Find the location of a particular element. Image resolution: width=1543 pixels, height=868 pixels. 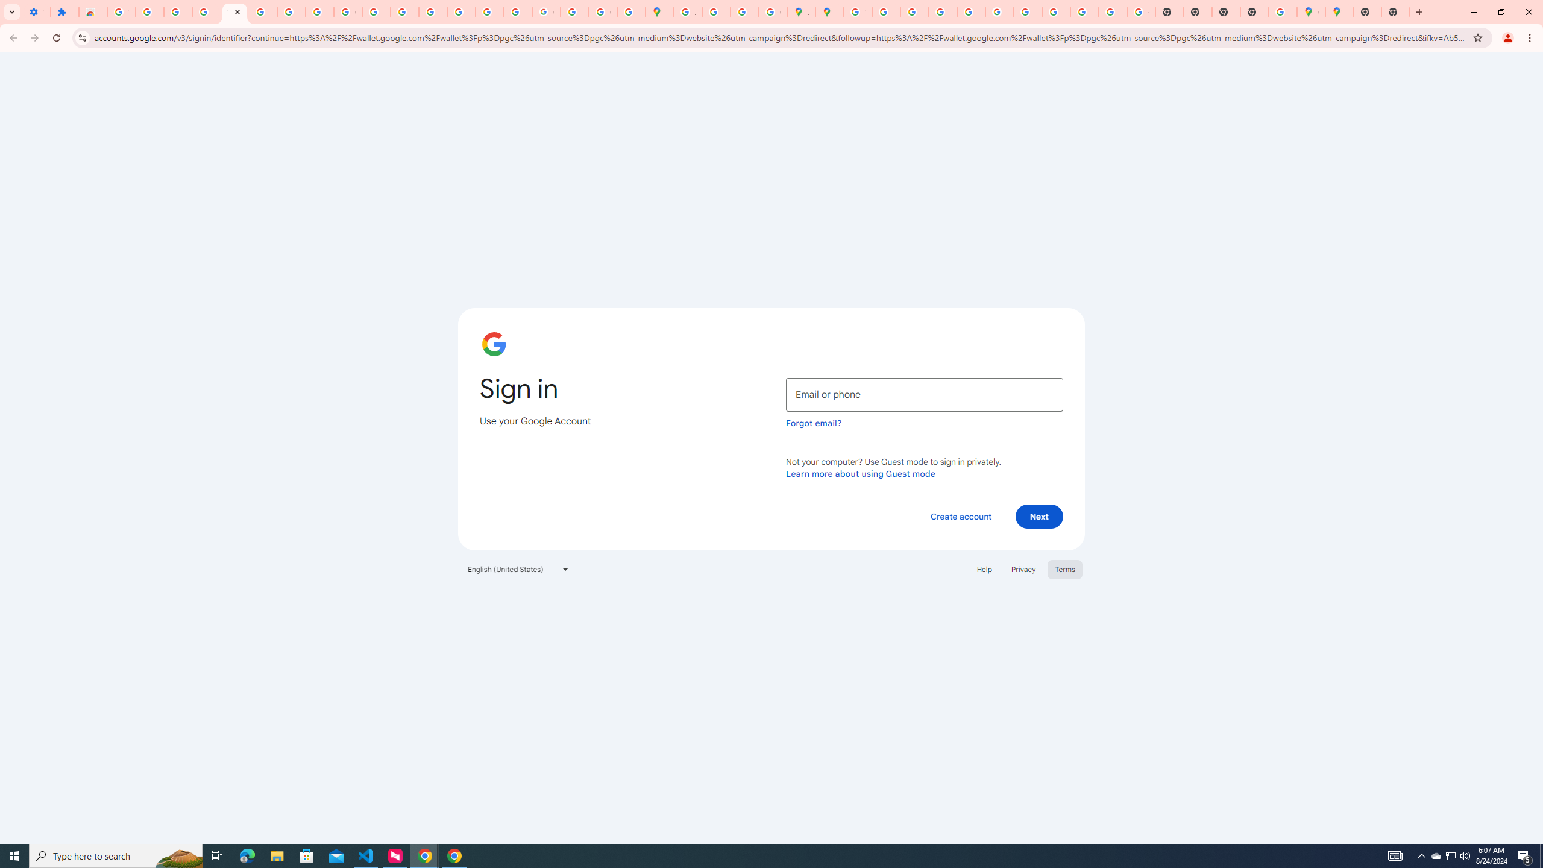

'Reviews: Helix Fruit Jump Arcade Game' is located at coordinates (93, 11).